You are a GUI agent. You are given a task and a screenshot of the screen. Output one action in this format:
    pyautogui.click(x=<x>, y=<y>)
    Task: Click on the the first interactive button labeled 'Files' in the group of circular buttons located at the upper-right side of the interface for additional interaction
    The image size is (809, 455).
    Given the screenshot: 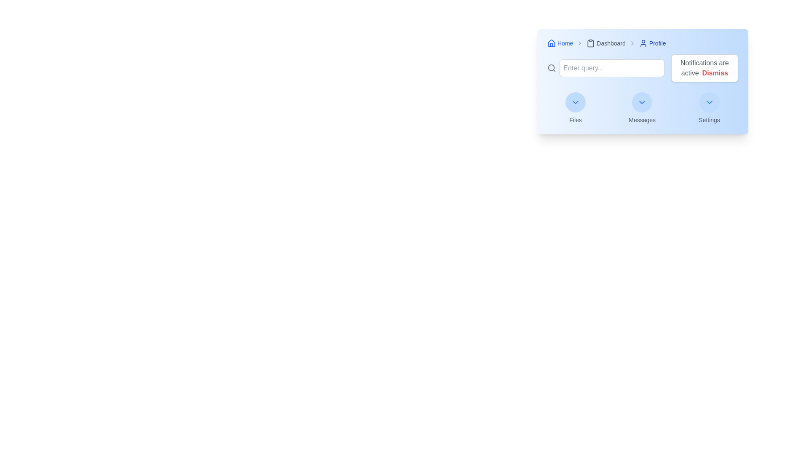 What is the action you would take?
    pyautogui.click(x=575, y=108)
    